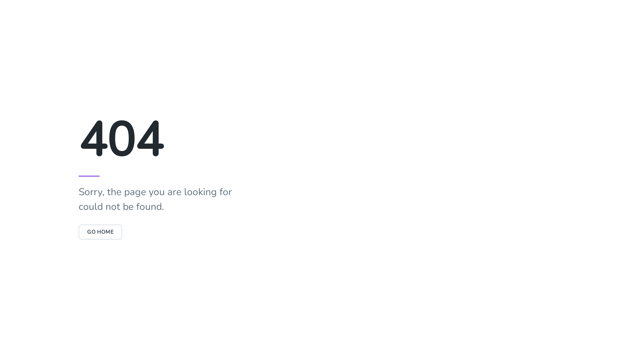 The image size is (629, 353). I want to click on 'GO HOME', so click(79, 231).